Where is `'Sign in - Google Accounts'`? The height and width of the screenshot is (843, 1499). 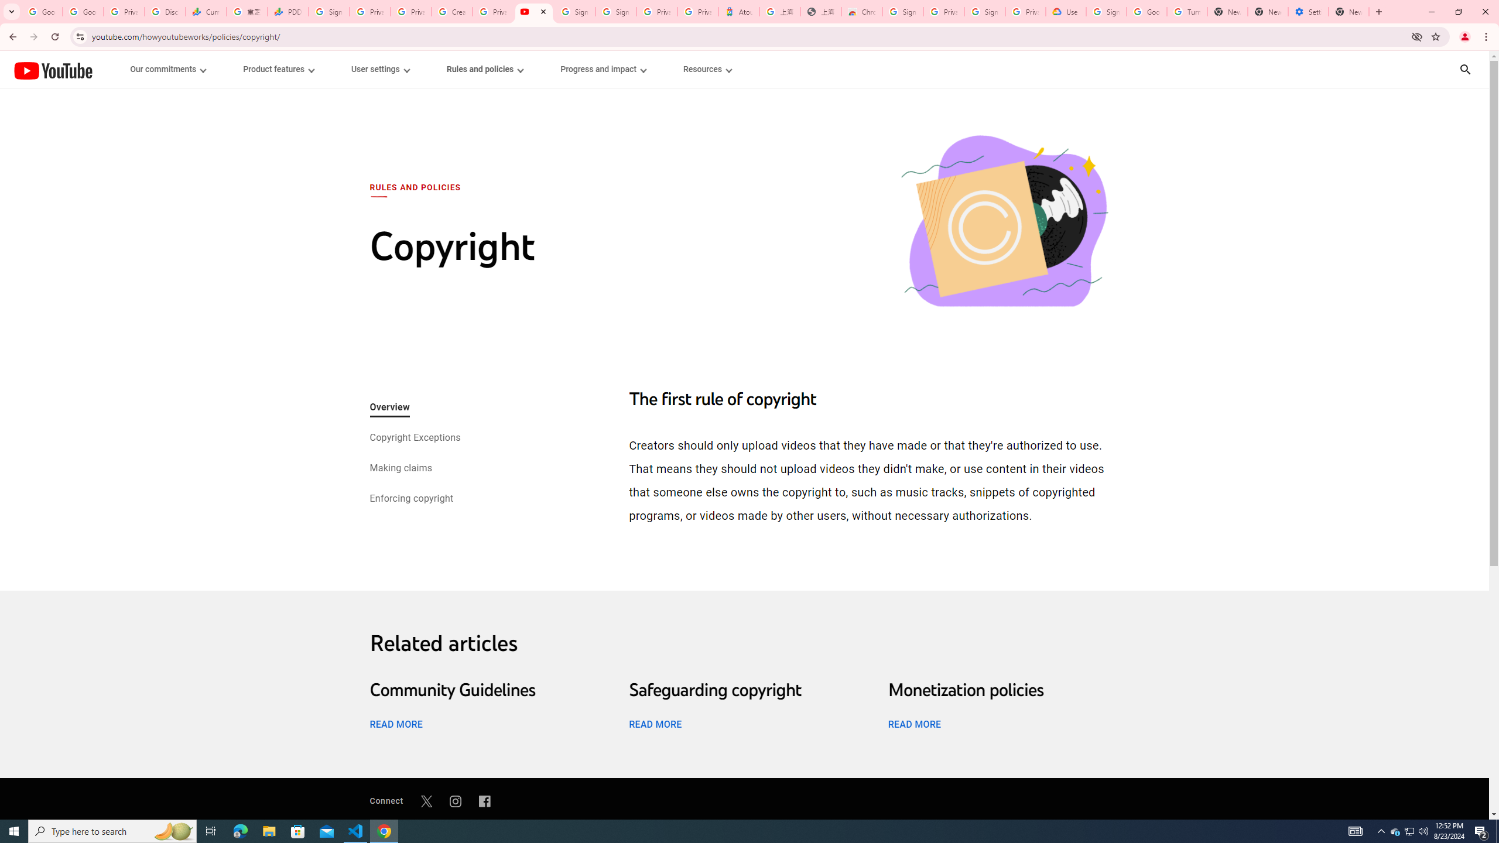
'Sign in - Google Accounts' is located at coordinates (615, 11).